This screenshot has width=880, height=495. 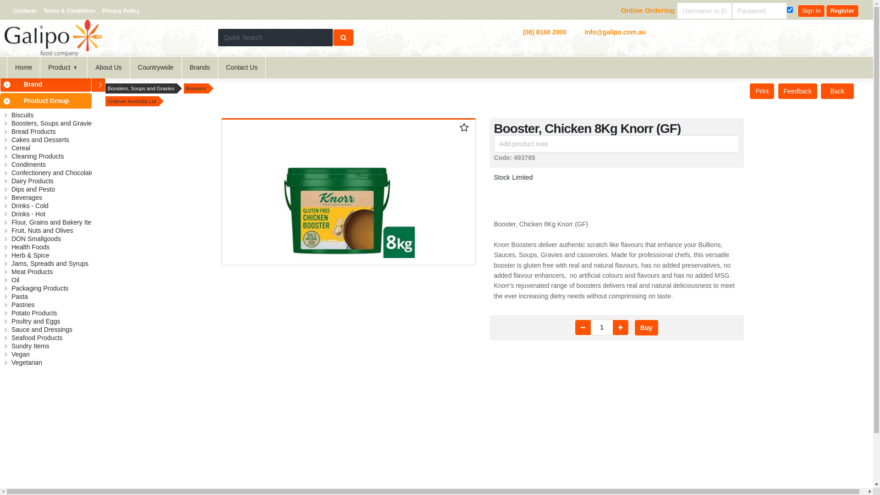 I want to click on 'Fruit, Nuts and Olives', so click(x=42, y=230).